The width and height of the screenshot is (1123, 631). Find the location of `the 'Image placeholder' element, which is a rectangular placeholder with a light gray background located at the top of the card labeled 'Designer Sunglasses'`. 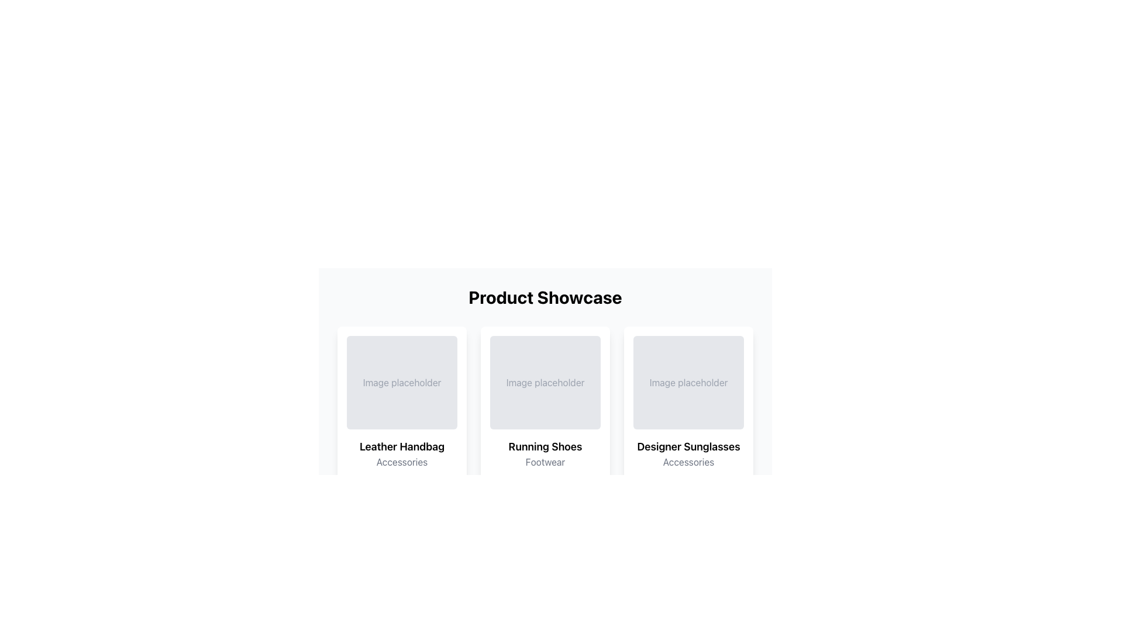

the 'Image placeholder' element, which is a rectangular placeholder with a light gray background located at the top of the card labeled 'Designer Sunglasses' is located at coordinates (688, 383).